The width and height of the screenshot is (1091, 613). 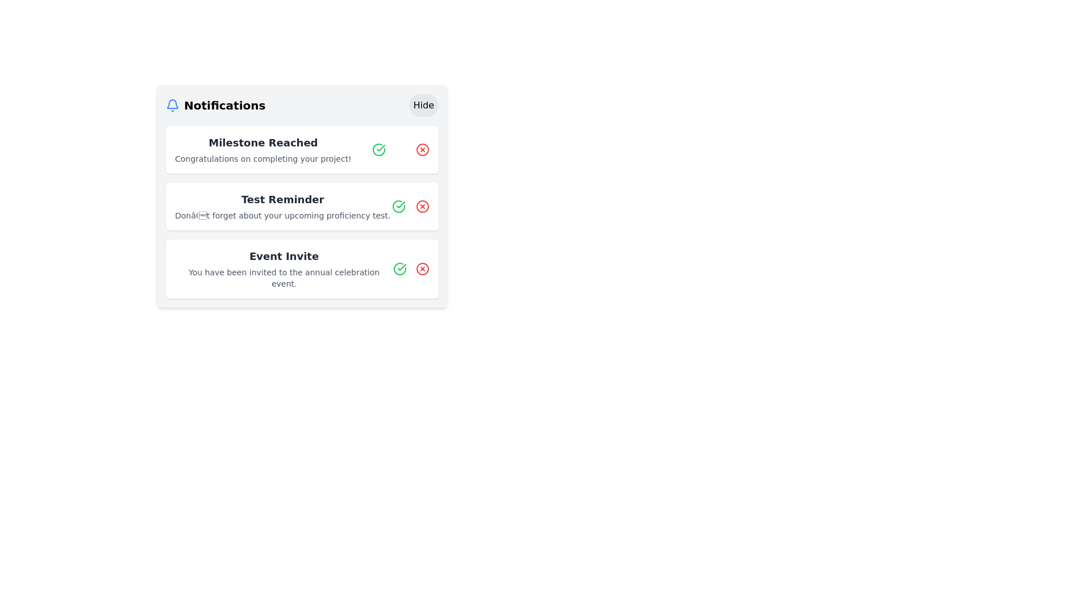 What do you see at coordinates (423, 105) in the screenshot?
I see `the 'Hide' button in the top-right corner of the 'Notifications' header to hide notifications` at bounding box center [423, 105].